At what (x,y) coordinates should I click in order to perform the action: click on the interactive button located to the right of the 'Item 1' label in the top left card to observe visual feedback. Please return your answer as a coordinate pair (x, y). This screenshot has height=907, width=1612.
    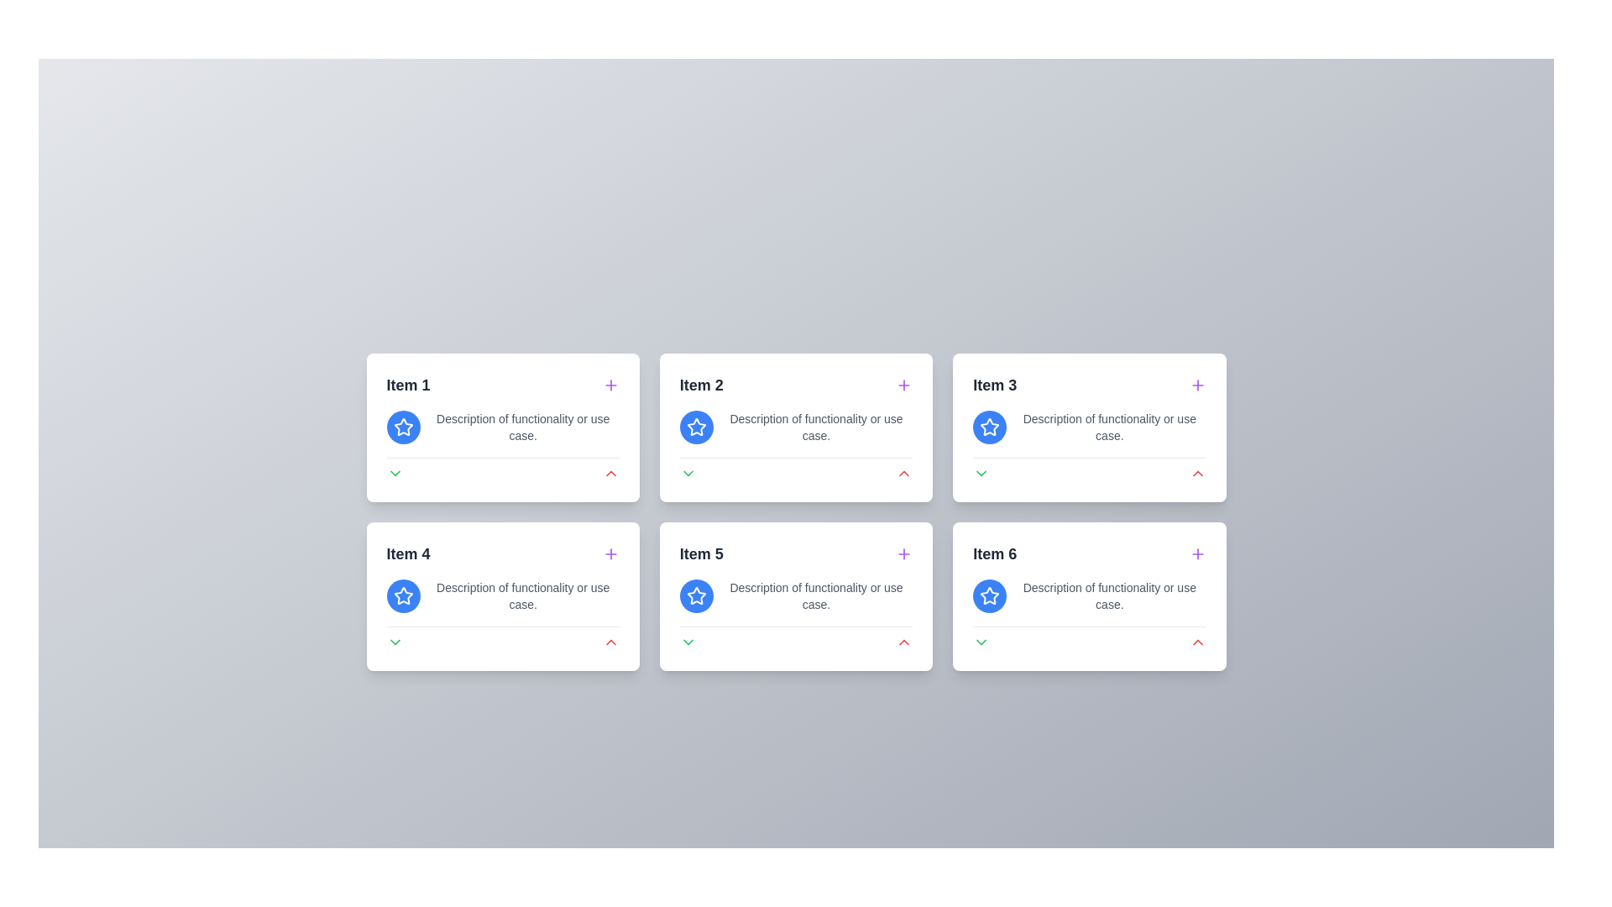
    Looking at the image, I should click on (610, 385).